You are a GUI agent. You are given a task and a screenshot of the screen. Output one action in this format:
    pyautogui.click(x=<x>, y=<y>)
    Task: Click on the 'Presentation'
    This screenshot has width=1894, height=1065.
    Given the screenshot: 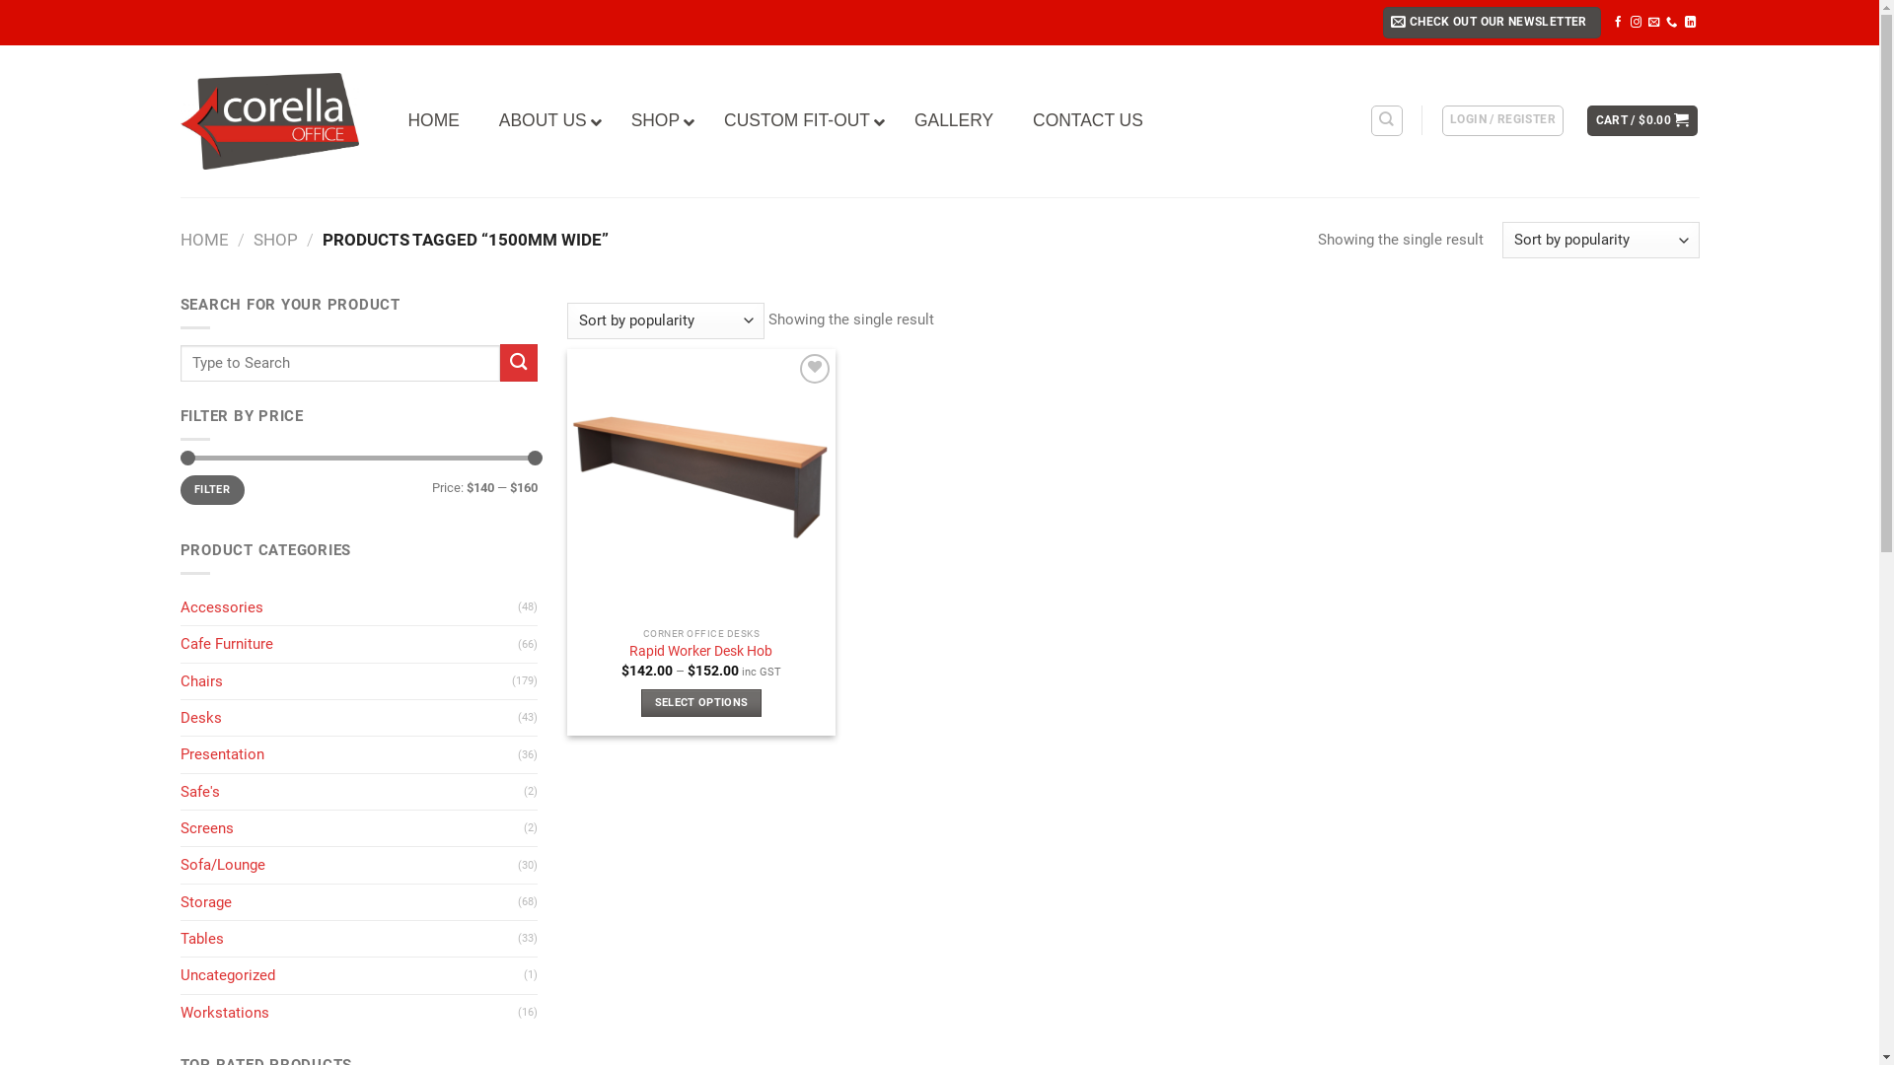 What is the action you would take?
    pyautogui.click(x=348, y=753)
    